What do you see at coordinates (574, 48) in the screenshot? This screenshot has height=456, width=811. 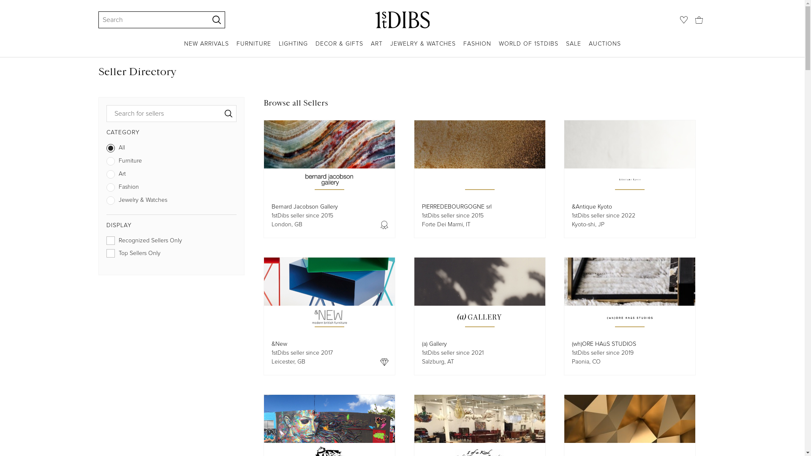 I see `'SALE'` at bounding box center [574, 48].